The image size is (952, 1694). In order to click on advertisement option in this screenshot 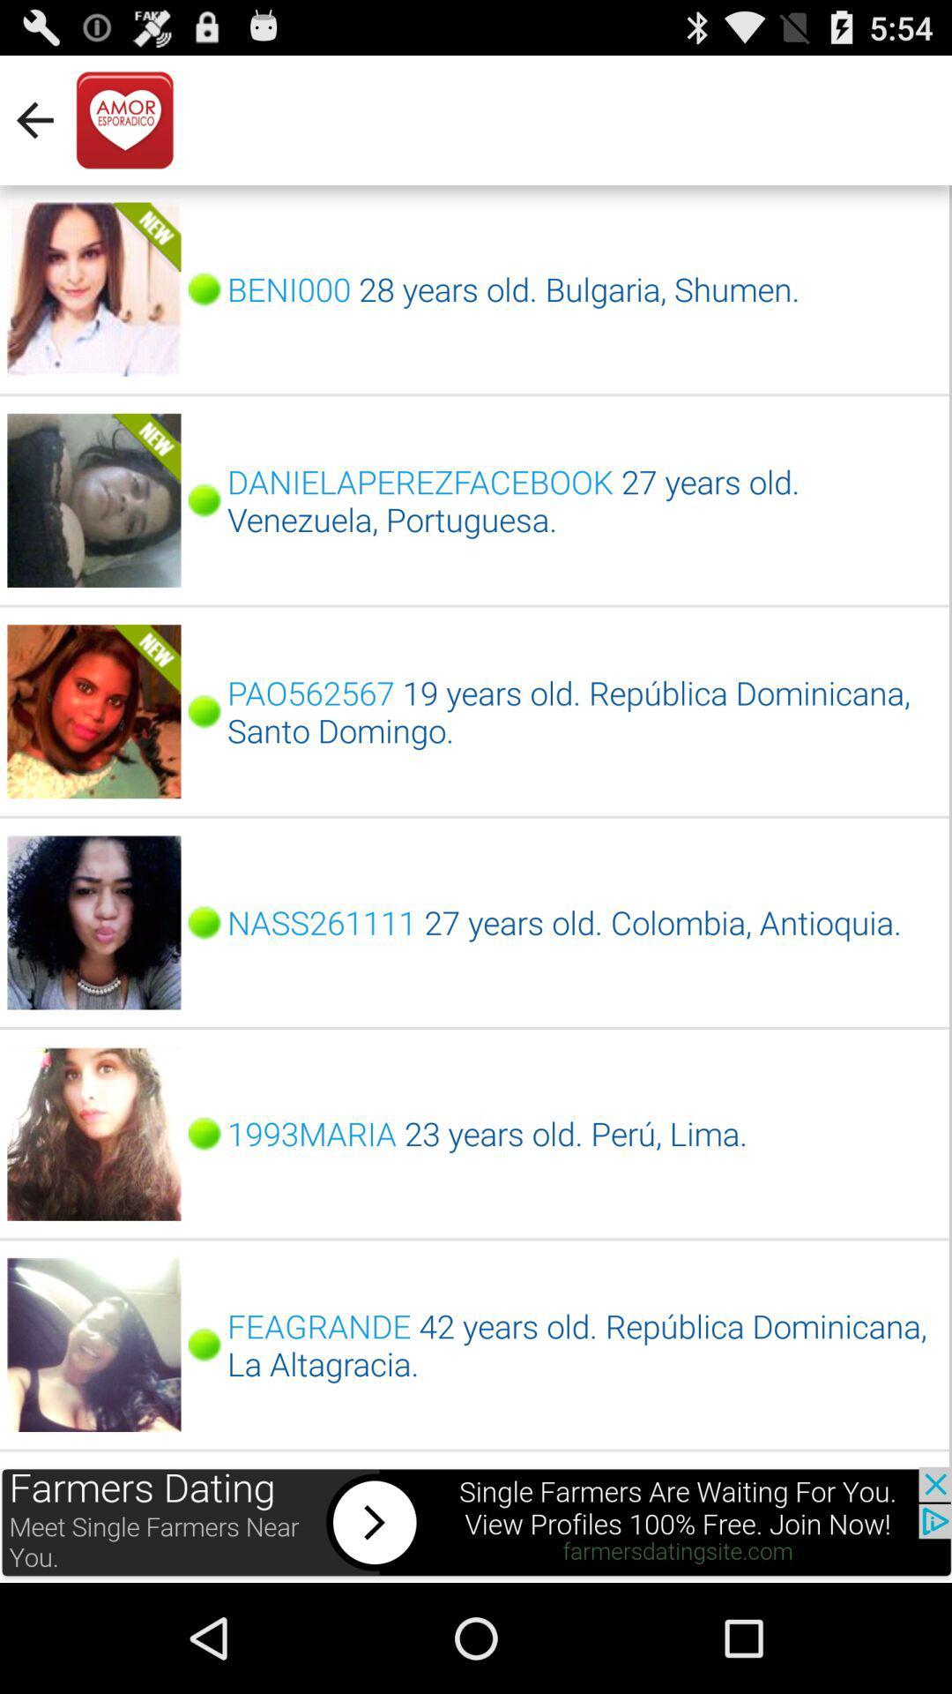, I will do `click(476, 1524)`.